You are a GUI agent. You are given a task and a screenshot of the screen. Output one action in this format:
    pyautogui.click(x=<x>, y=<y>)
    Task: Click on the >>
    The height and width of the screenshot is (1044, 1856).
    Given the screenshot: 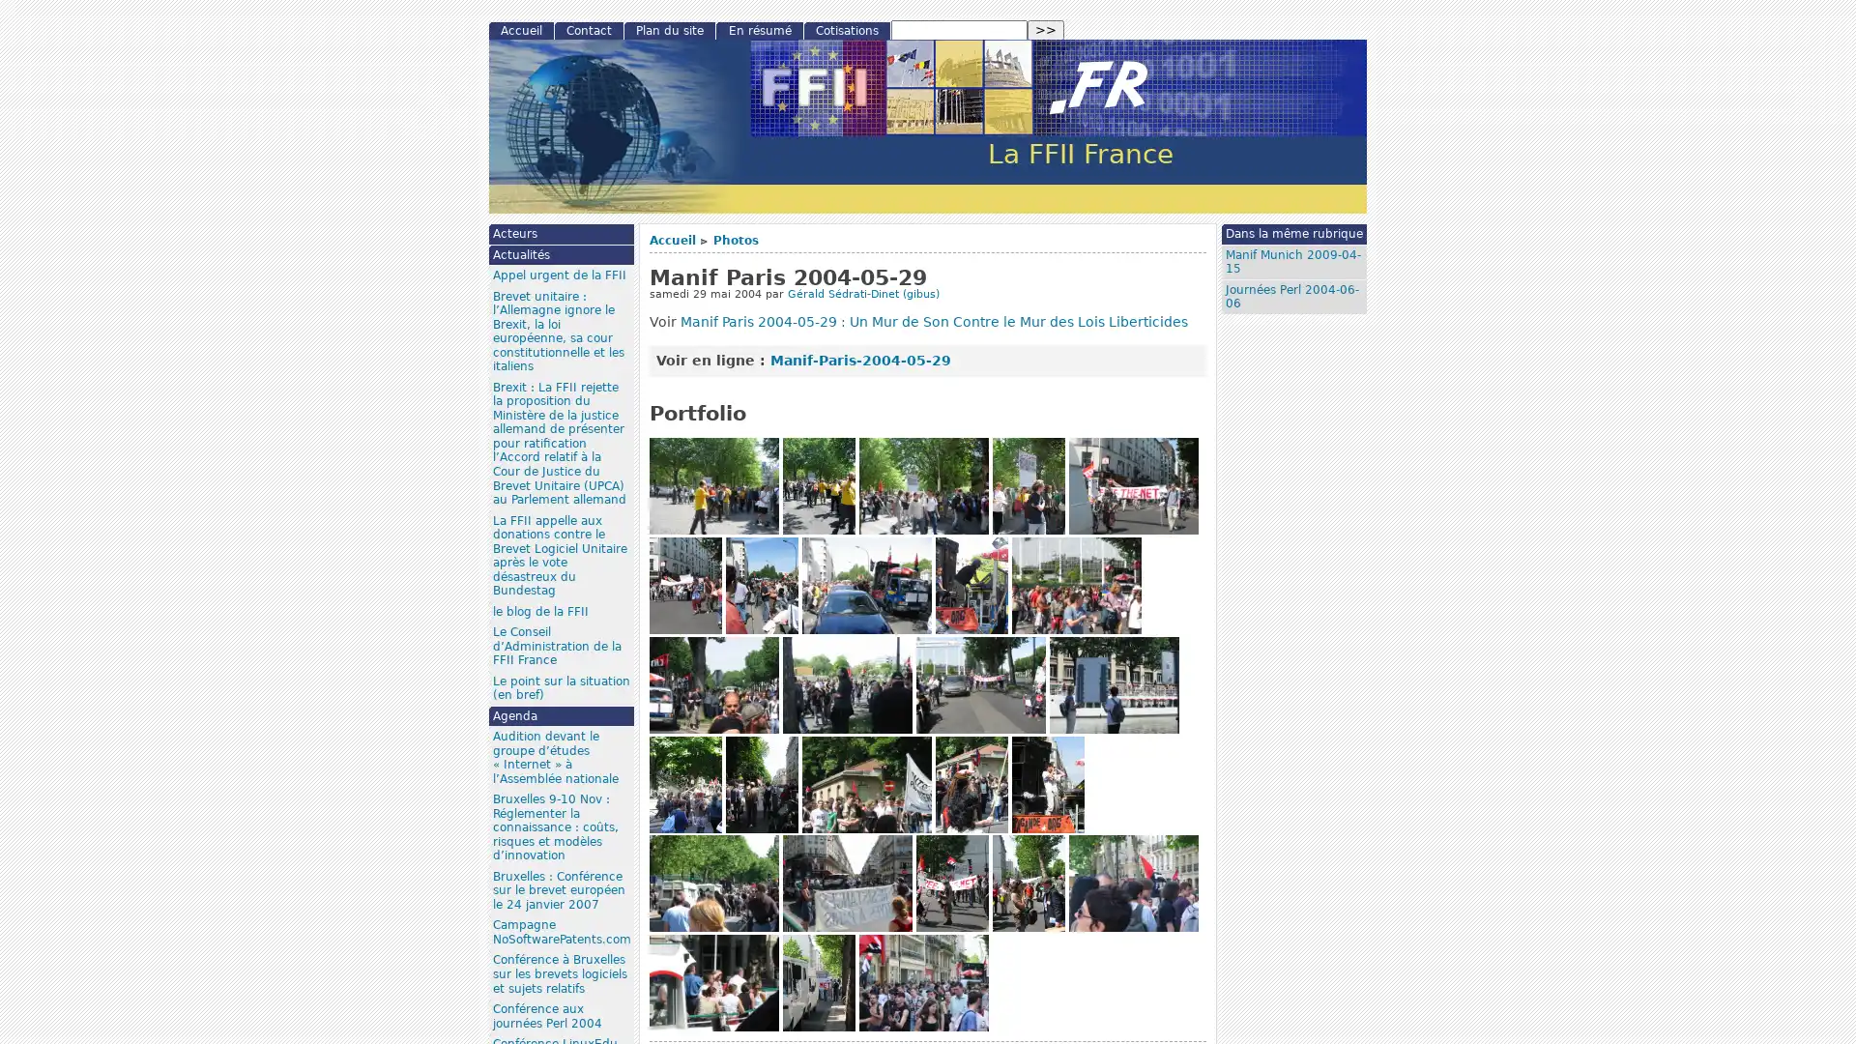 What is the action you would take?
    pyautogui.click(x=1044, y=30)
    